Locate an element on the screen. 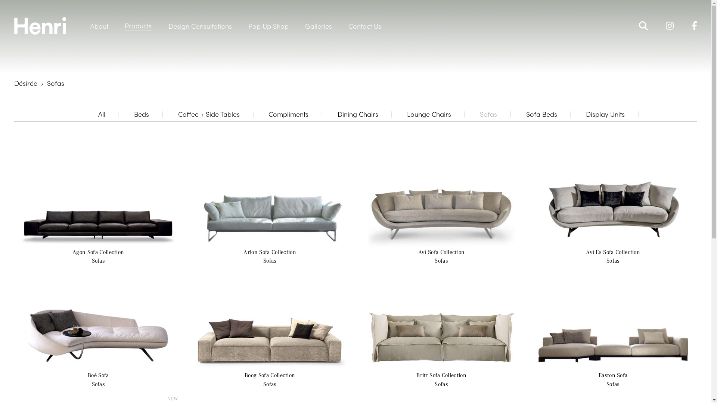  'Galleries' is located at coordinates (305, 25).